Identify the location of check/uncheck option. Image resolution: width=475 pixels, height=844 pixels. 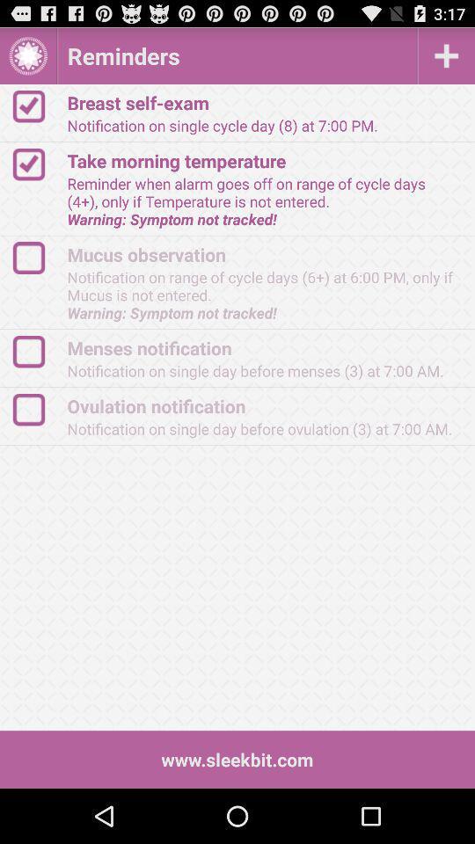
(37, 164).